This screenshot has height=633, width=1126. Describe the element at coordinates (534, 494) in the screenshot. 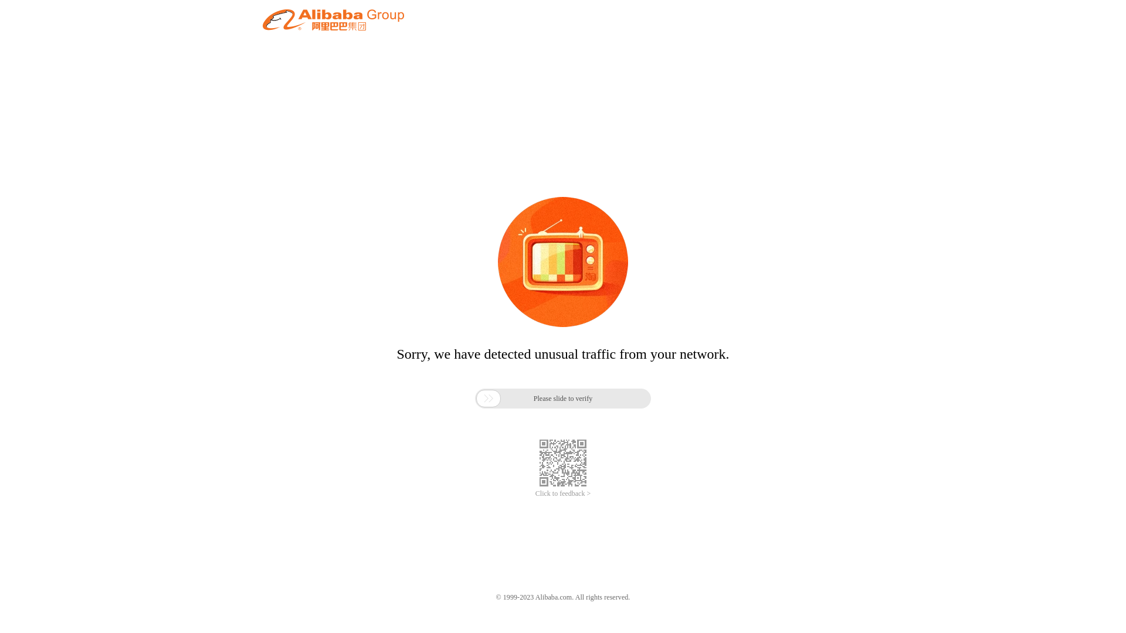

I see `'Click to feedback >'` at that location.